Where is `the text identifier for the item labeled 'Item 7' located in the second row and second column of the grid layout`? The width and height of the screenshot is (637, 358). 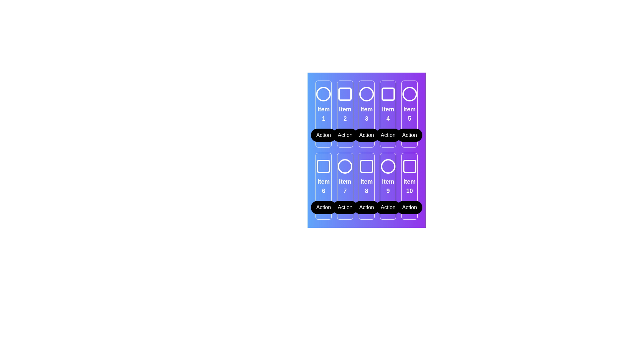
the text identifier for the item labeled 'Item 7' located in the second row and second column of the grid layout is located at coordinates (345, 186).